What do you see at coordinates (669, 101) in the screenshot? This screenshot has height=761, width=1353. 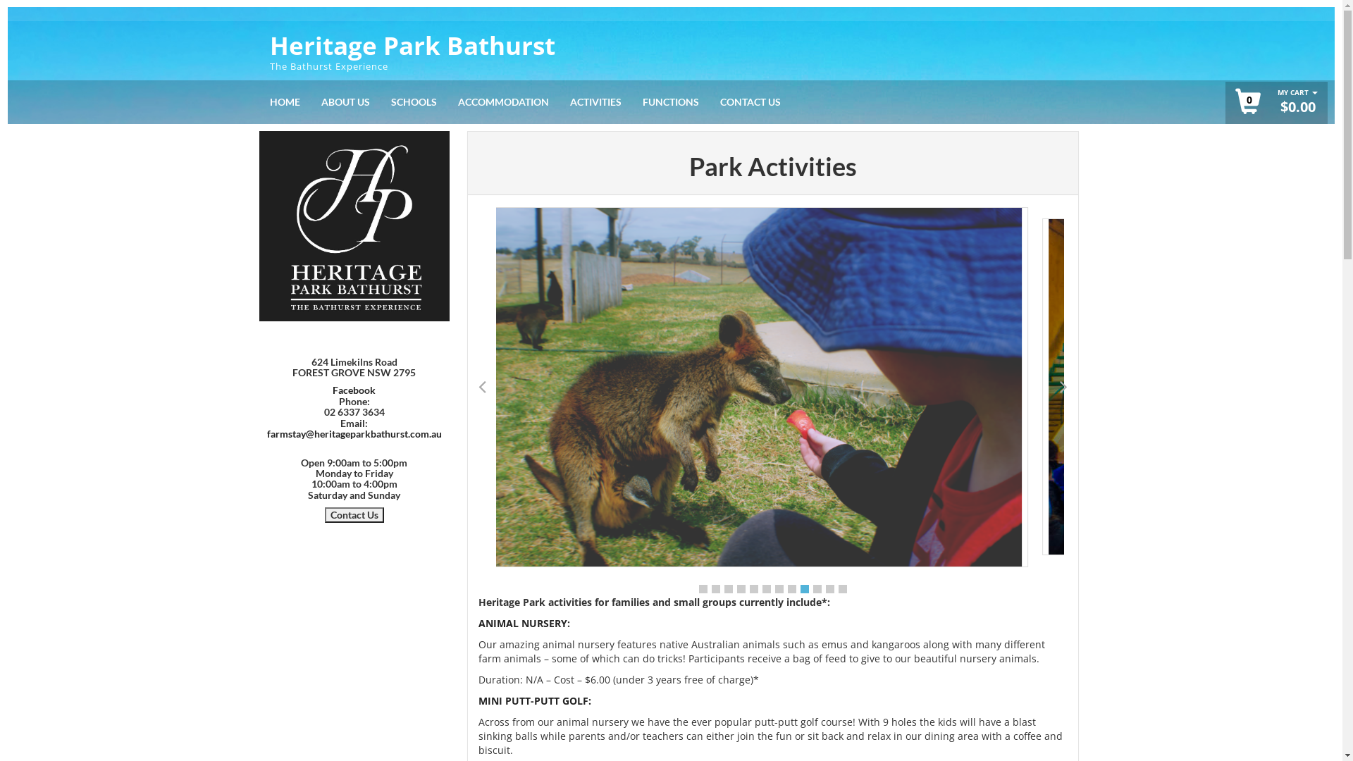 I see `'FUNCTIONS'` at bounding box center [669, 101].